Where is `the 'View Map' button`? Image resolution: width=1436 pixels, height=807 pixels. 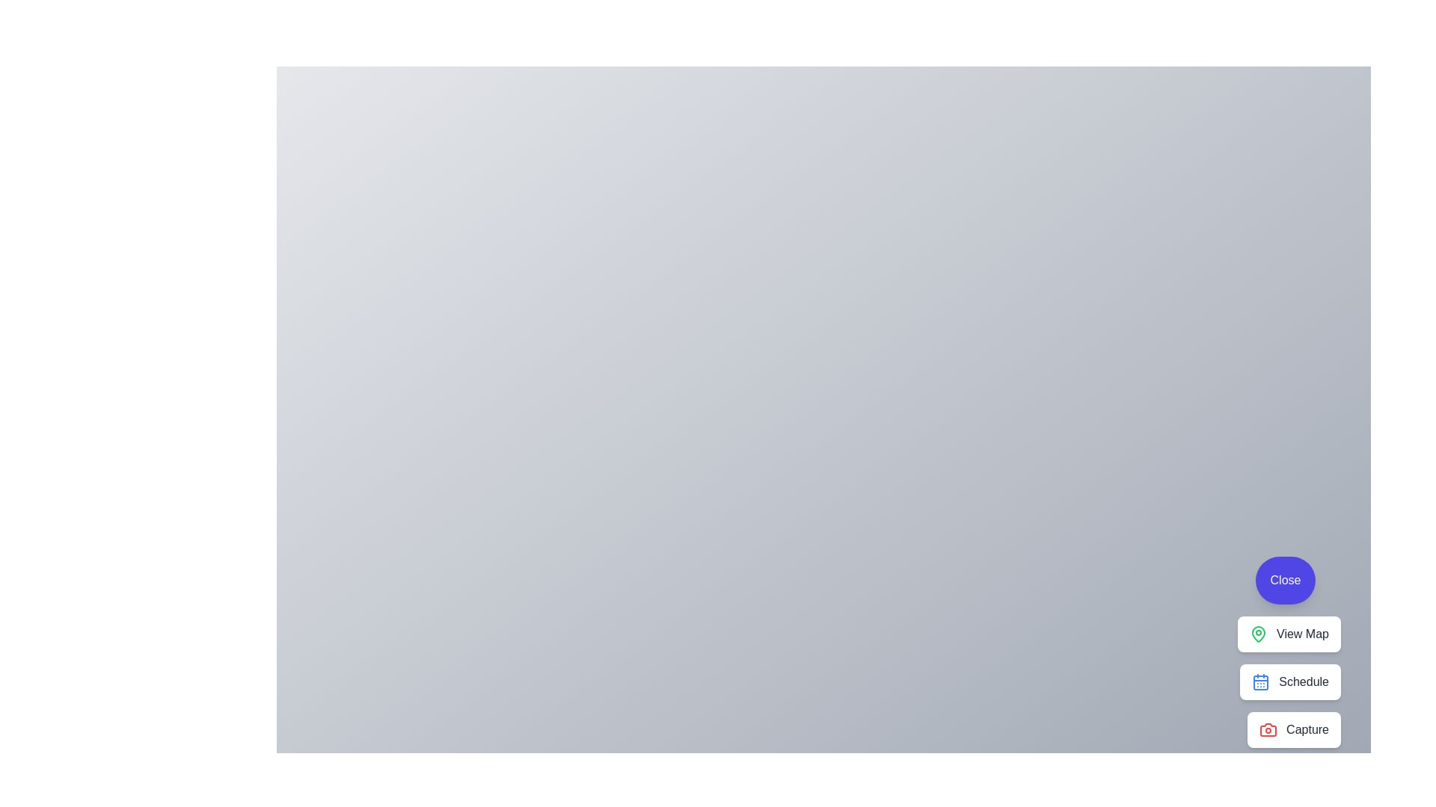
the 'View Map' button is located at coordinates (1288, 634).